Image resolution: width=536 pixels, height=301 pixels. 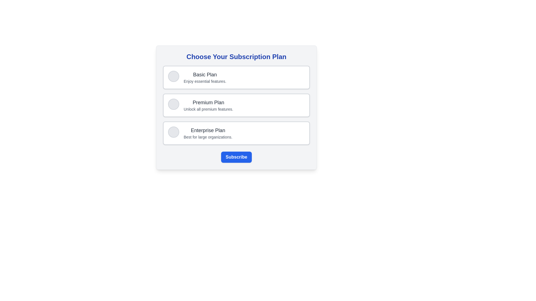 What do you see at coordinates (208, 109) in the screenshot?
I see `the label that describes the benefits of the Premium Plan option, which is located directly beneath the 'Premium Plan' heading` at bounding box center [208, 109].